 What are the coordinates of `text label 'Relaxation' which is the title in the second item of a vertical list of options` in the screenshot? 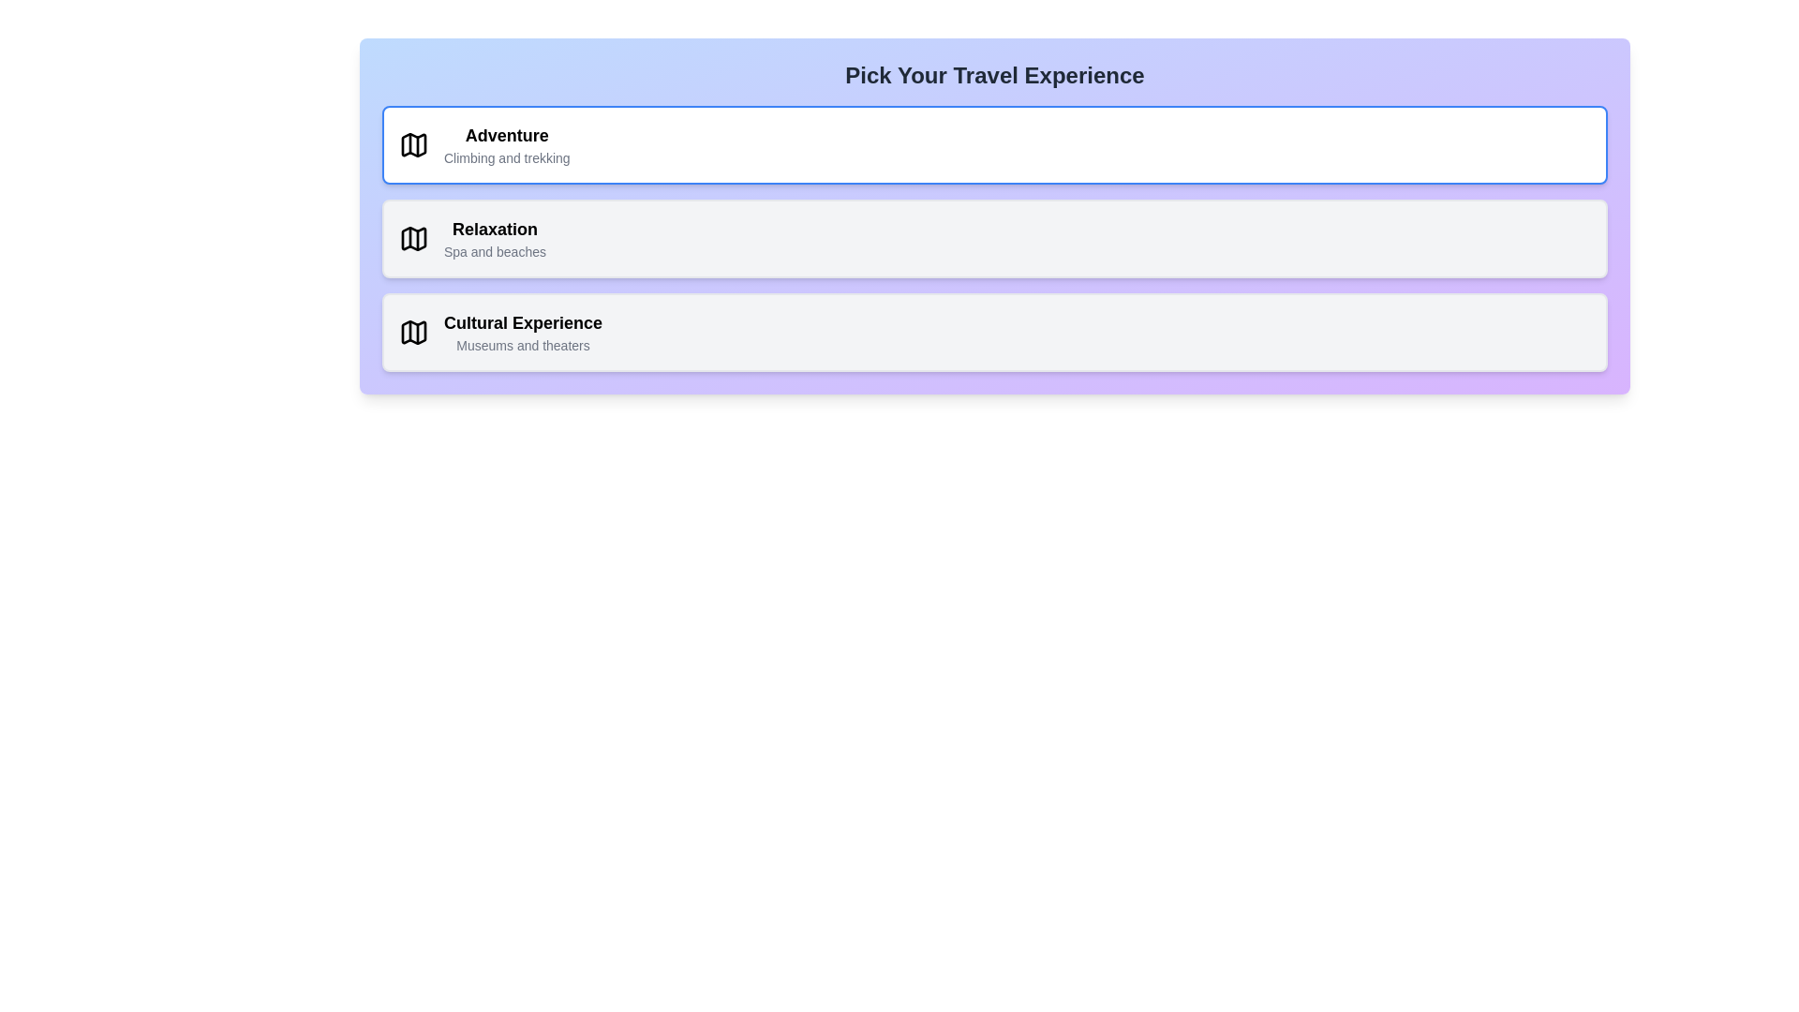 It's located at (495, 229).